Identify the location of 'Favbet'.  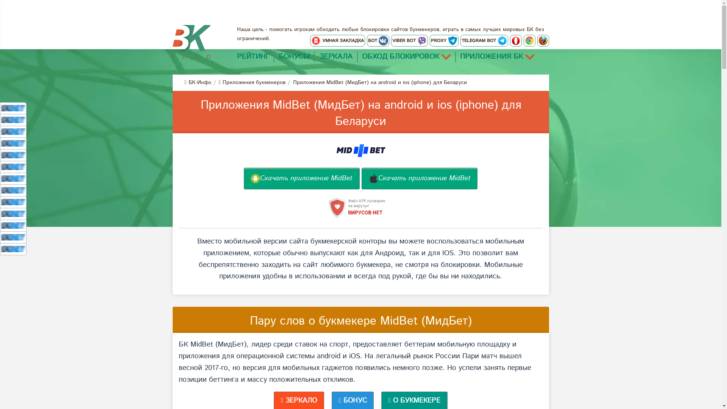
(13, 249).